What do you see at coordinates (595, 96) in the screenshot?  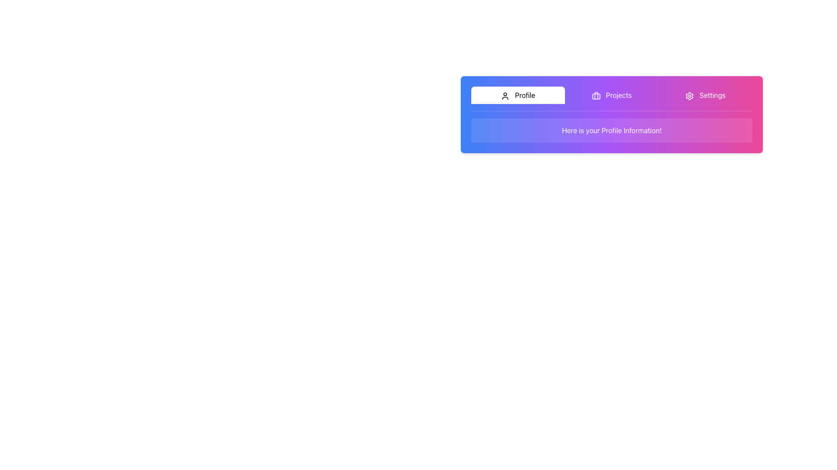 I see `the briefcase icon located within the 'Projects' button in the top navigation bar` at bounding box center [595, 96].